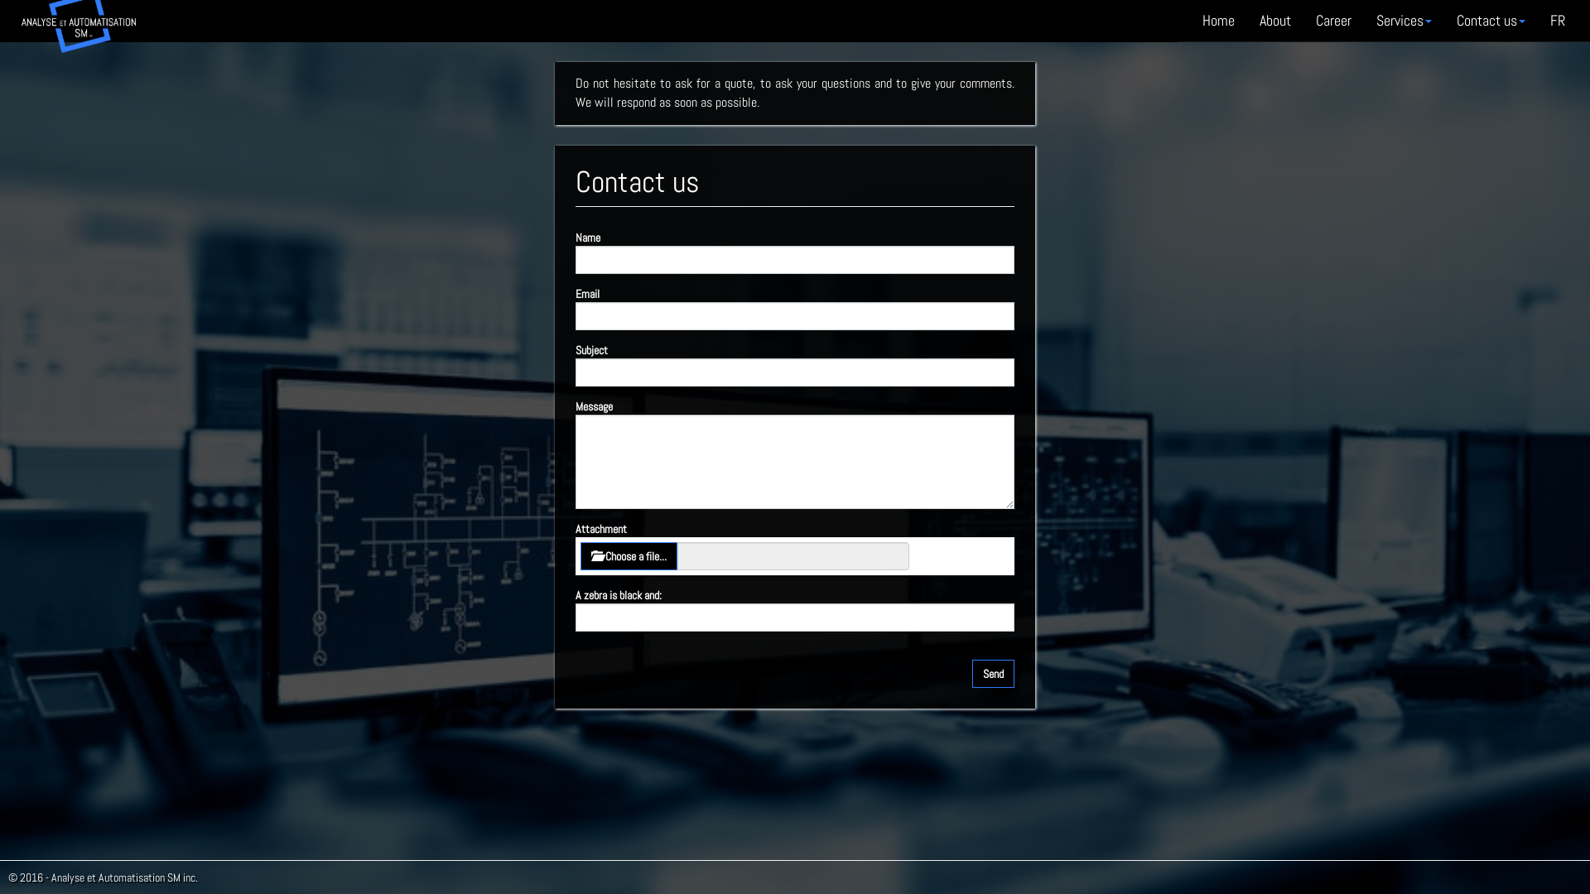 Image resolution: width=1590 pixels, height=894 pixels. What do you see at coordinates (1491, 20) in the screenshot?
I see `'Contact us'` at bounding box center [1491, 20].